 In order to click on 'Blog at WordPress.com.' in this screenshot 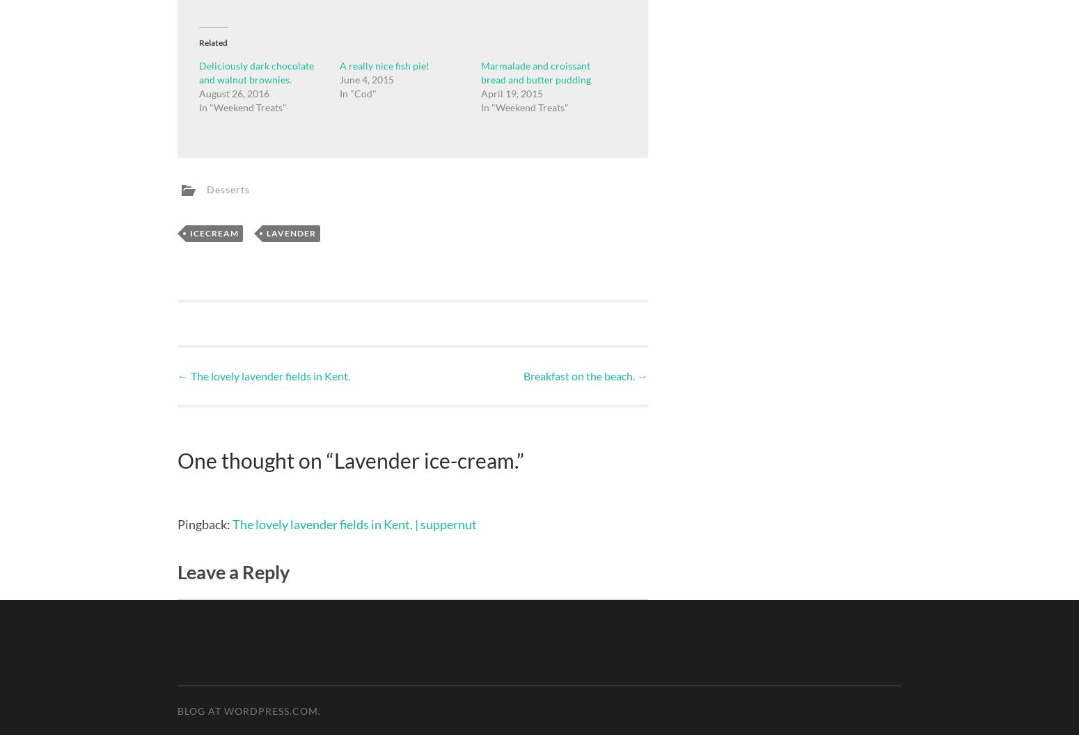, I will do `click(249, 709)`.